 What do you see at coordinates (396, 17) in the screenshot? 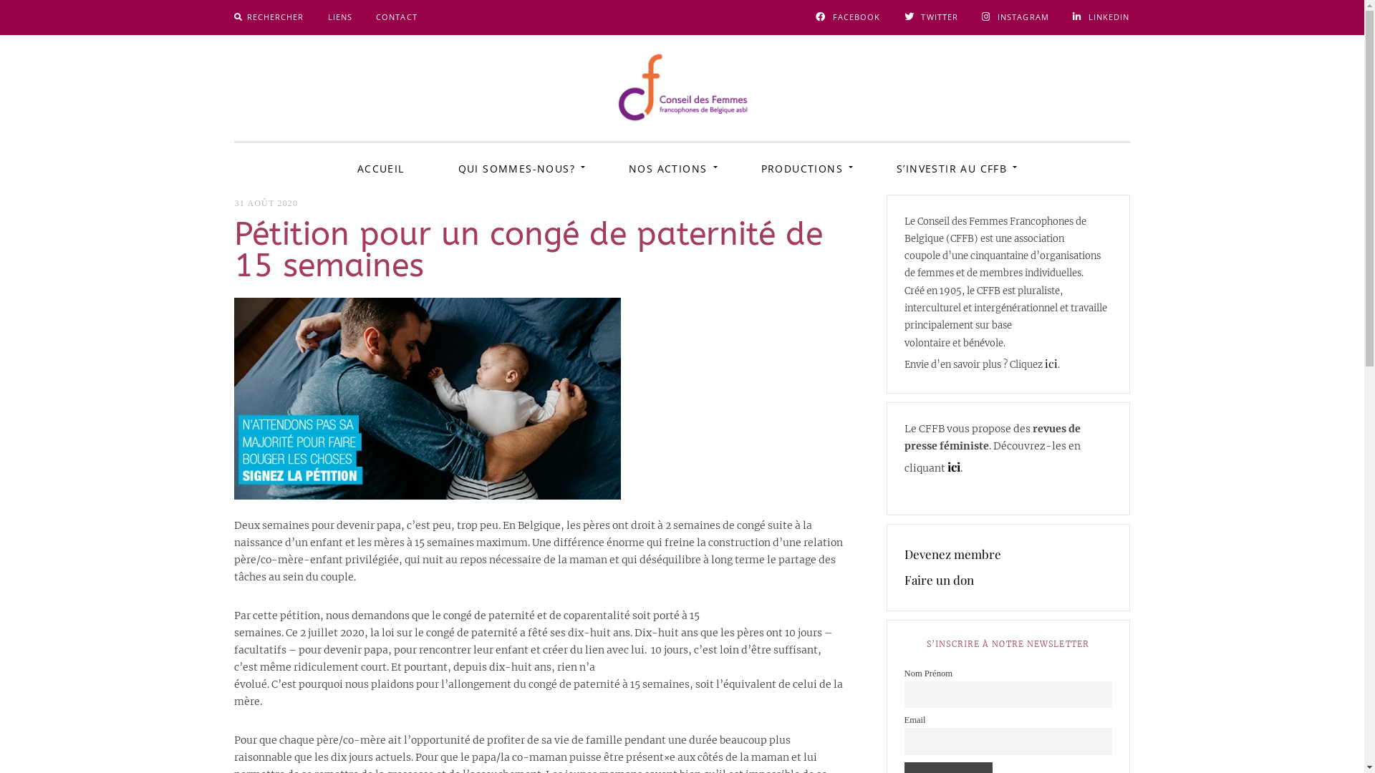
I see `'CONTACT'` at bounding box center [396, 17].